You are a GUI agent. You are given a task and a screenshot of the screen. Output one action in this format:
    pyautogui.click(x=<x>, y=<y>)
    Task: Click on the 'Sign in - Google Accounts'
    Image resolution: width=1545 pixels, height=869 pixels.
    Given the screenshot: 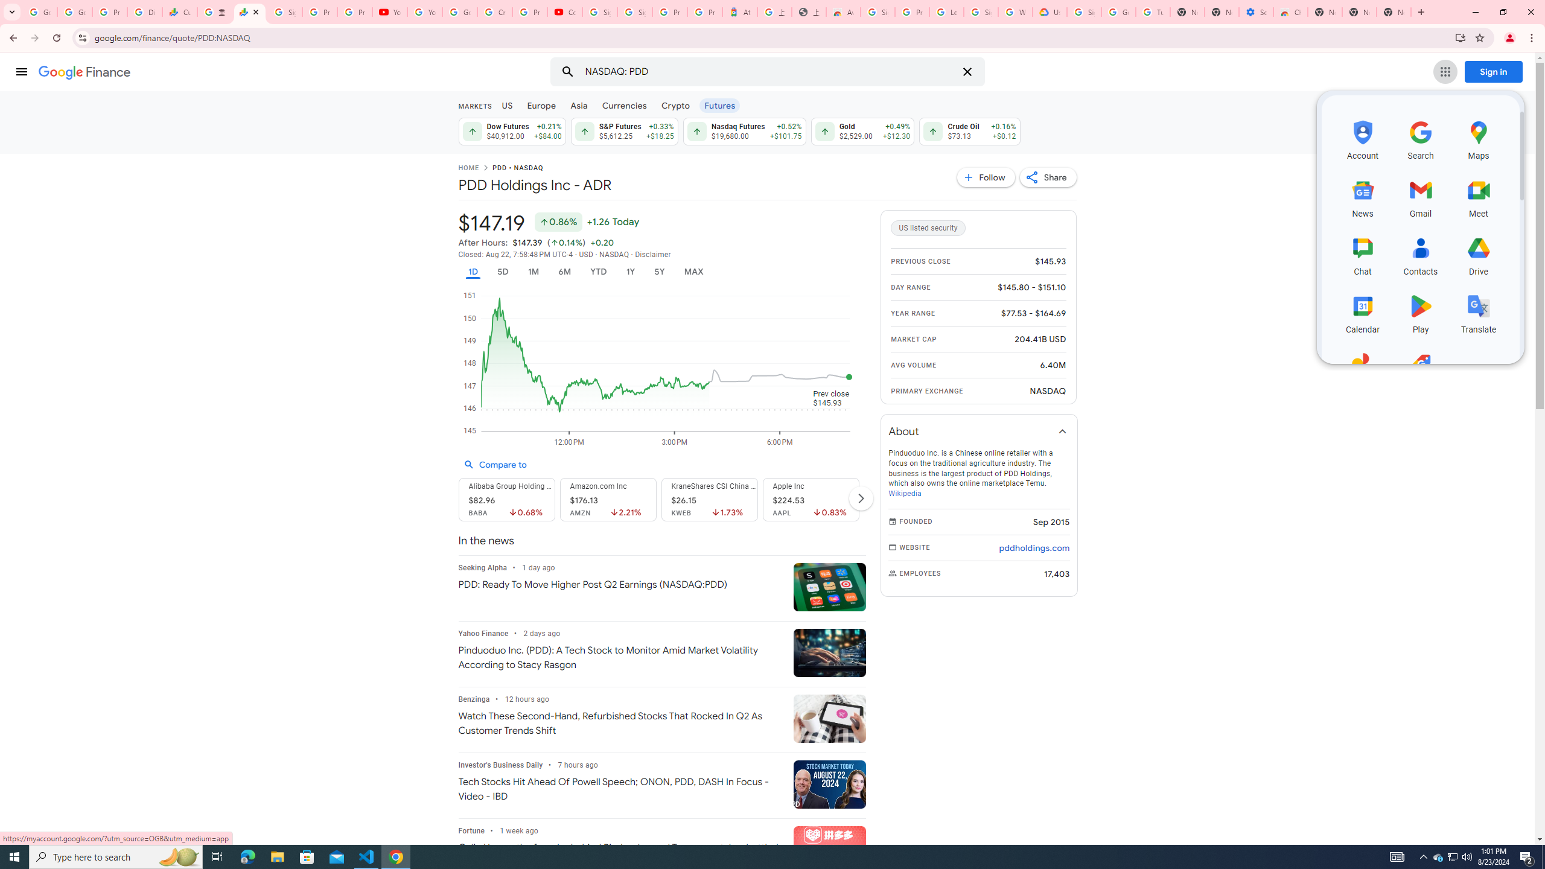 What is the action you would take?
    pyautogui.click(x=981, y=11)
    